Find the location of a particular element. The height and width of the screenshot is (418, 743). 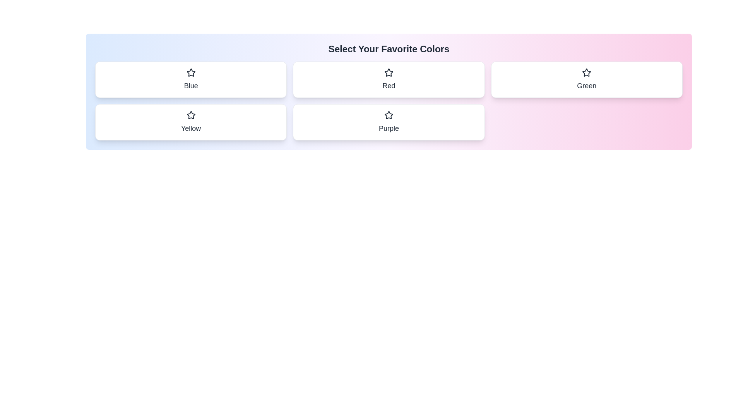

the color chip labeled Blue is located at coordinates (191, 79).